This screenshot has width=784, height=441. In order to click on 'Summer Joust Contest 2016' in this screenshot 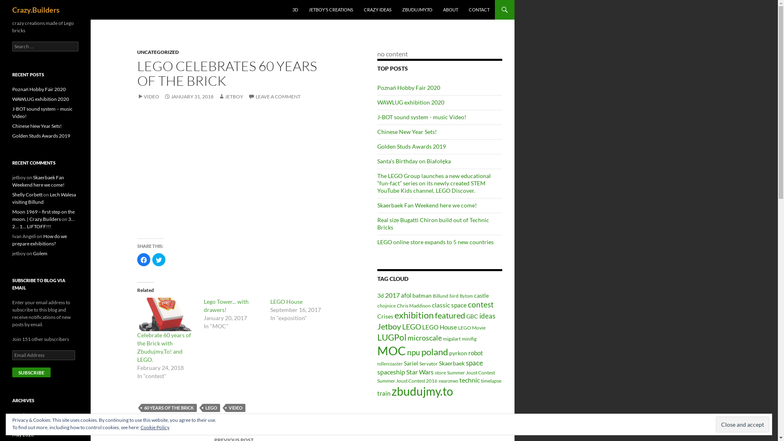, I will do `click(407, 381)`.